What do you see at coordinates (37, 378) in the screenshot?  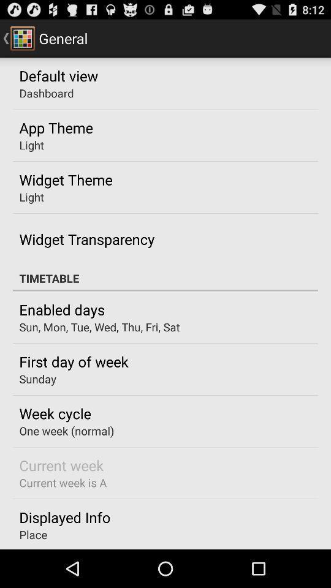 I see `the item below the first day of` at bounding box center [37, 378].